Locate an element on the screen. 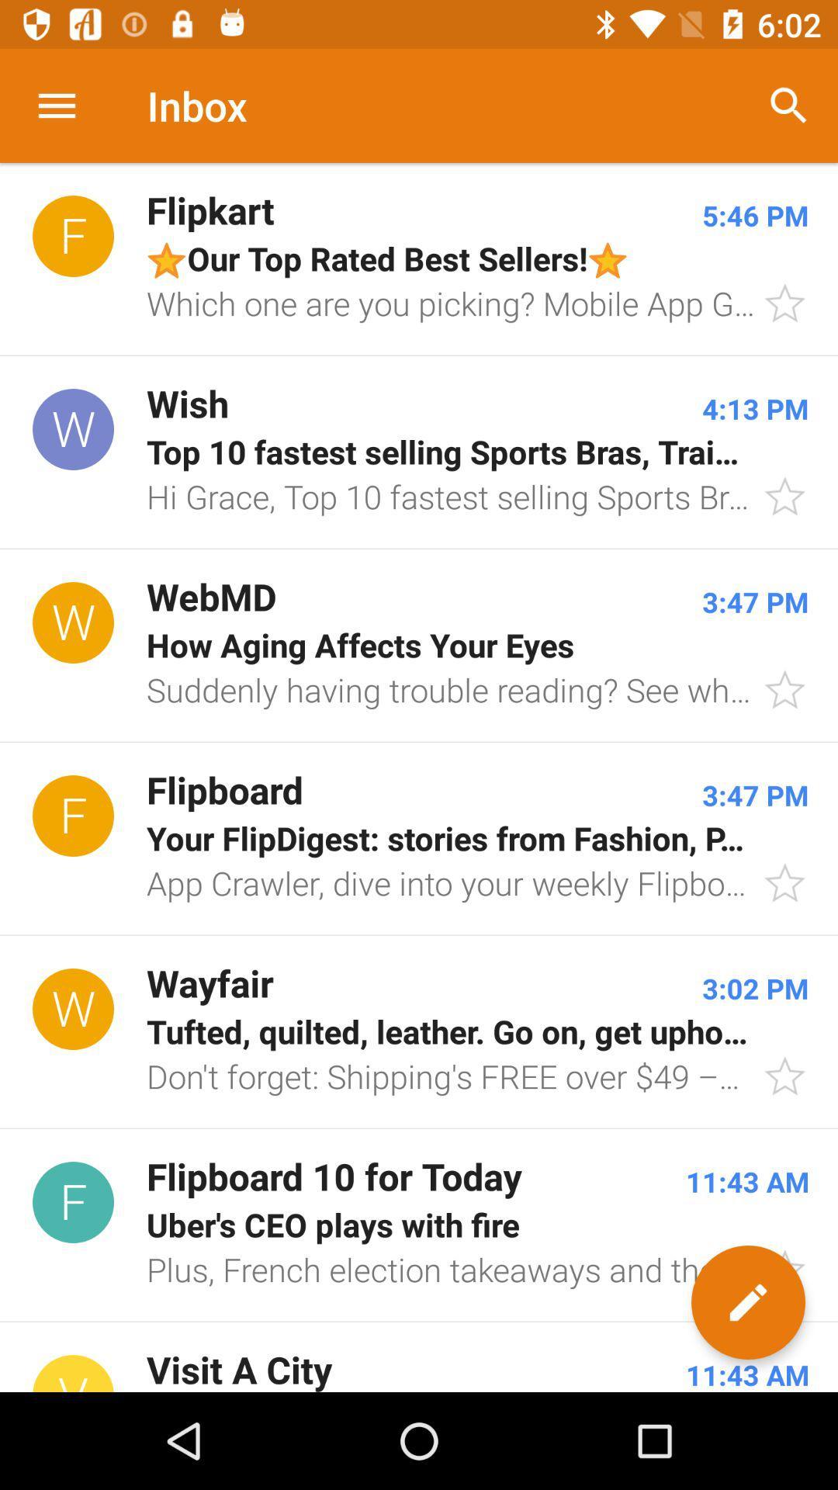  the icon at the bottom right corner is located at coordinates (747, 1302).